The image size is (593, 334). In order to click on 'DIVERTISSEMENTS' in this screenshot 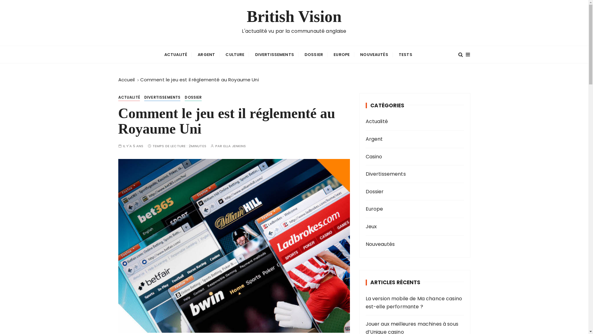, I will do `click(144, 97)`.